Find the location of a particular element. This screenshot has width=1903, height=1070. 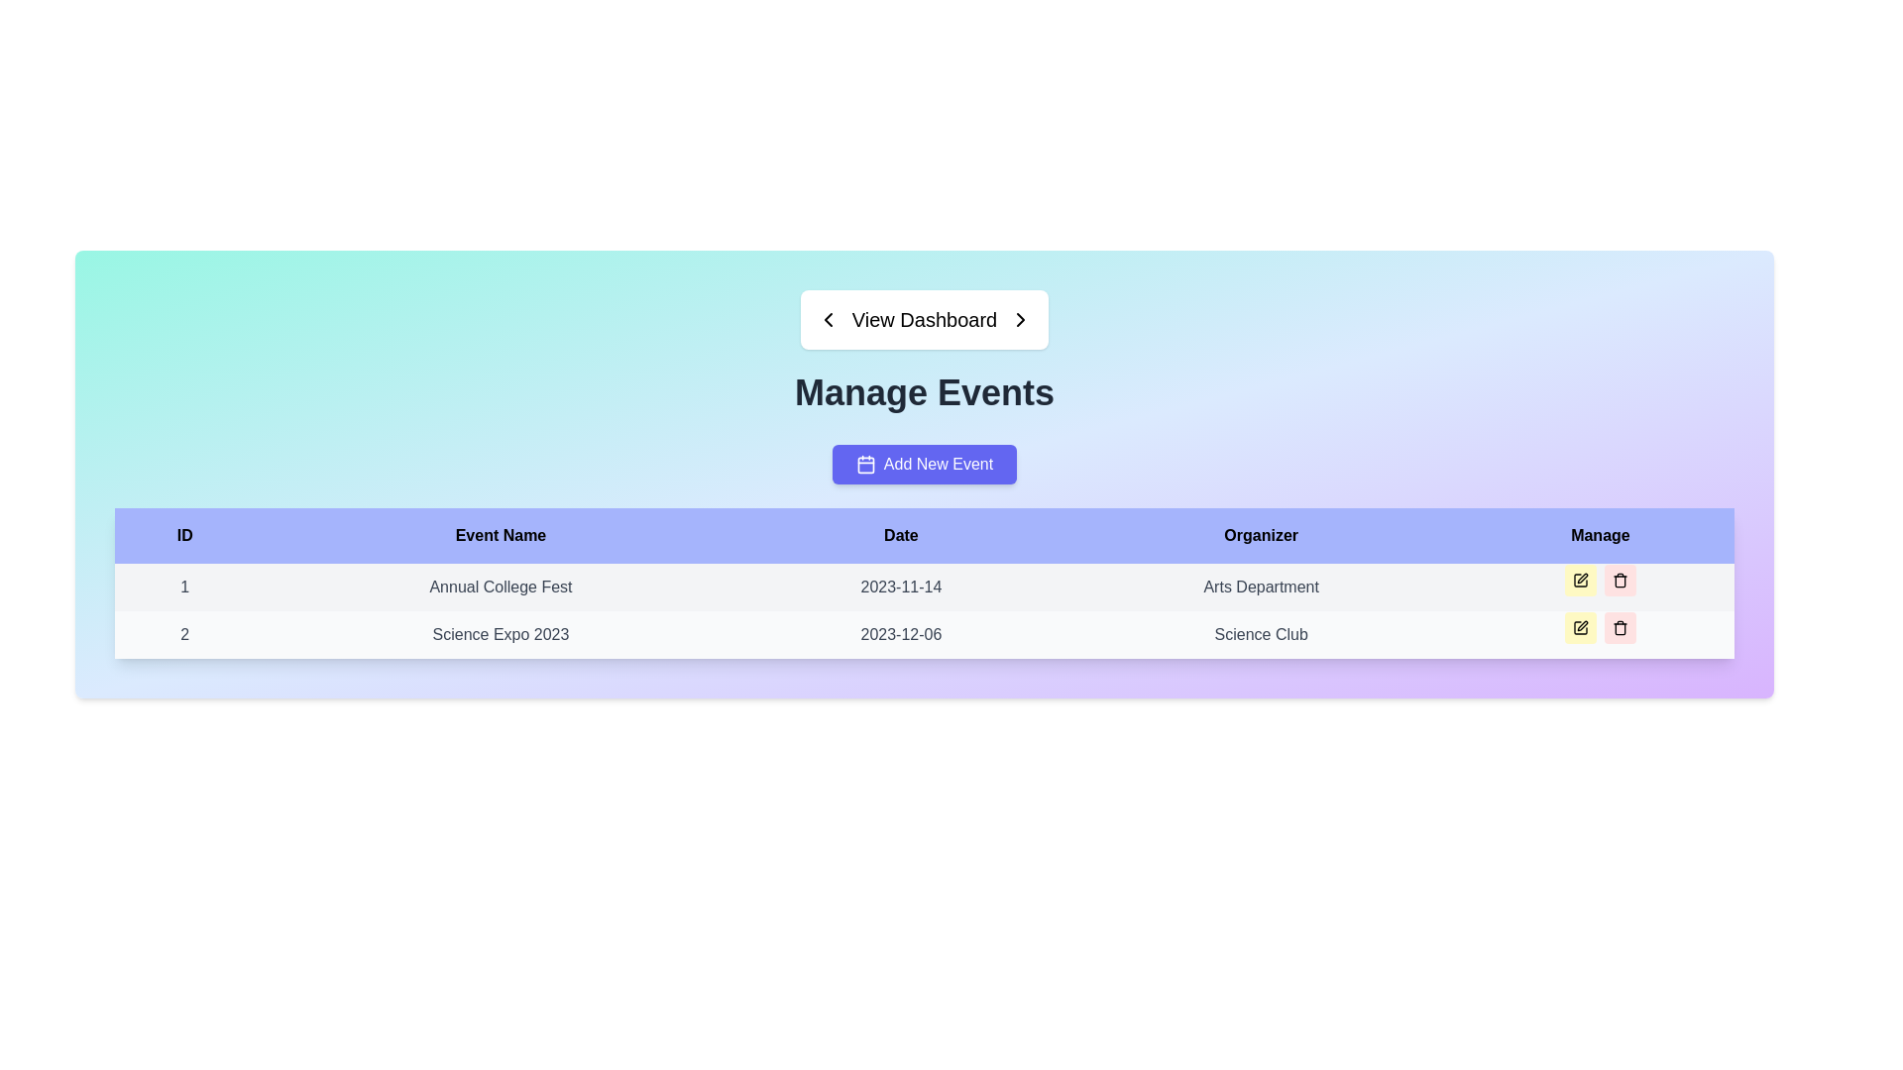

the calendar icon is located at coordinates (865, 465).